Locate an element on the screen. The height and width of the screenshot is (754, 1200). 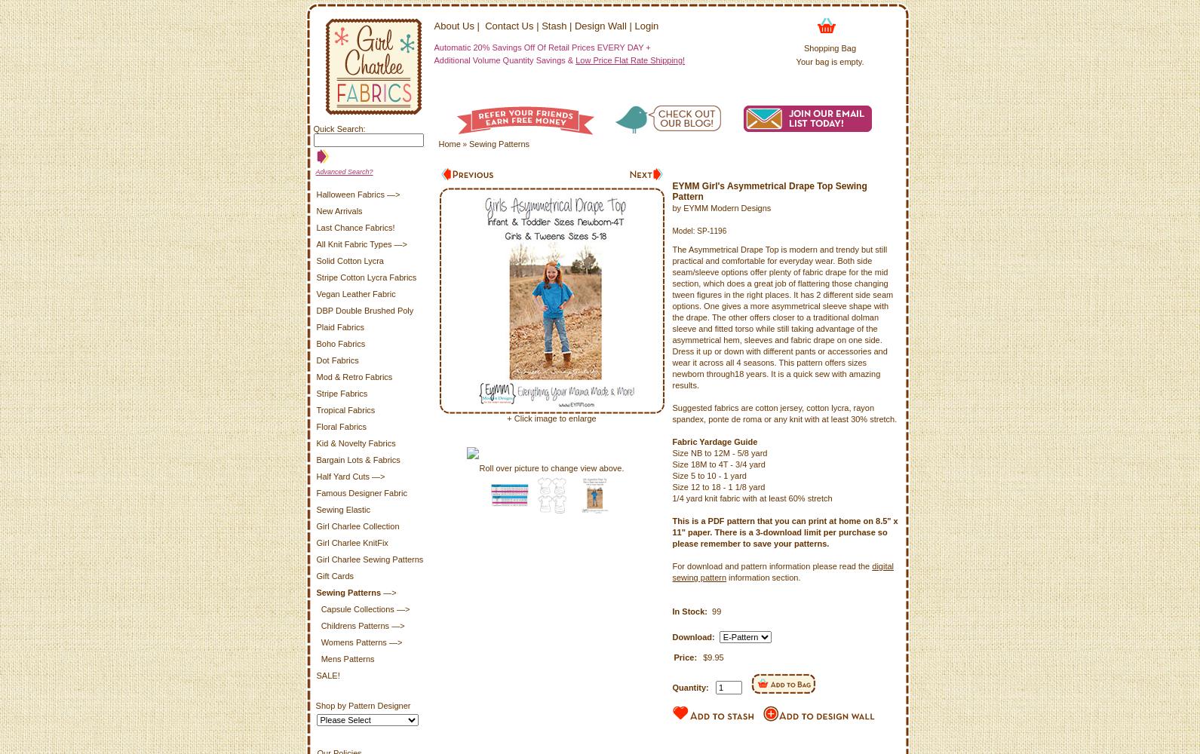
'Girl Charlee Collection' is located at coordinates (357, 526).